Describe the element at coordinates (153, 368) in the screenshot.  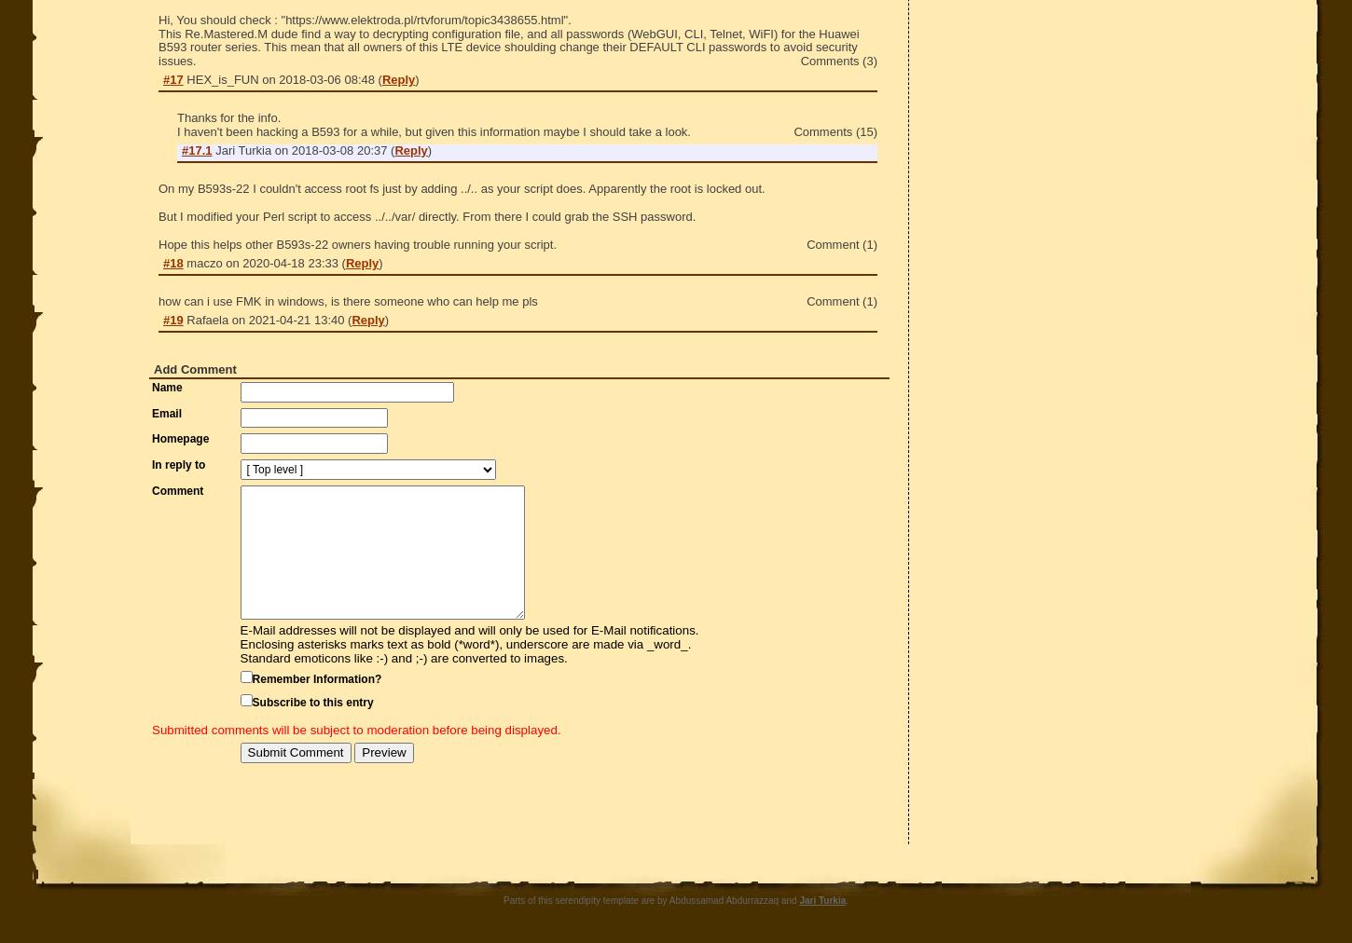
I see `'Add Comment'` at that location.